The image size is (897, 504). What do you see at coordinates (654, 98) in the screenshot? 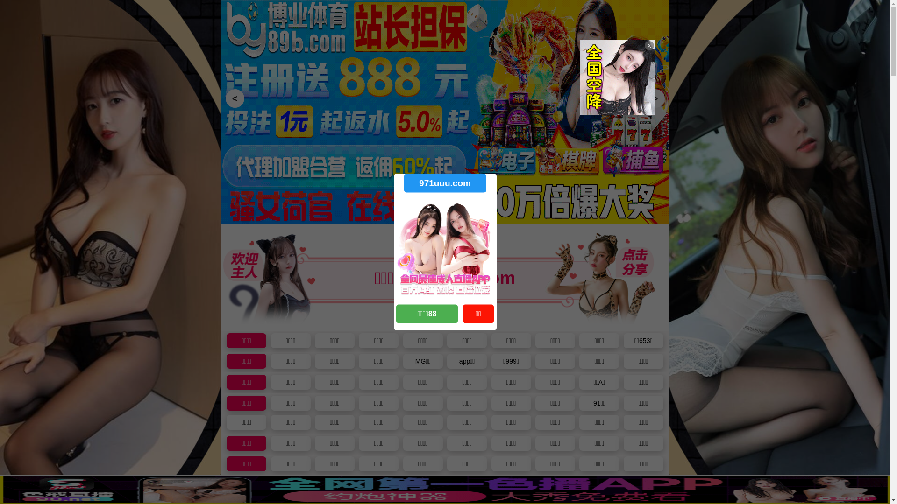
I see `'>'` at bounding box center [654, 98].